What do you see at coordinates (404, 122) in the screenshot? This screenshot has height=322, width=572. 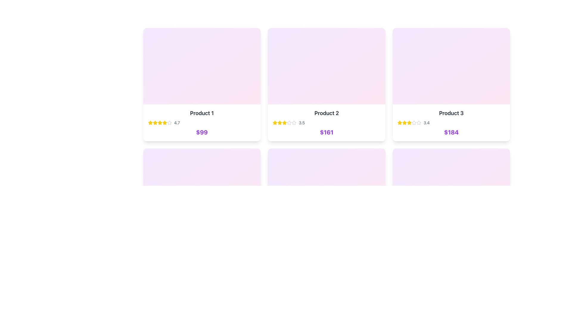 I see `the first star icon in the rating system under the 'Product 3' card, located at the top-right section of the interface` at bounding box center [404, 122].